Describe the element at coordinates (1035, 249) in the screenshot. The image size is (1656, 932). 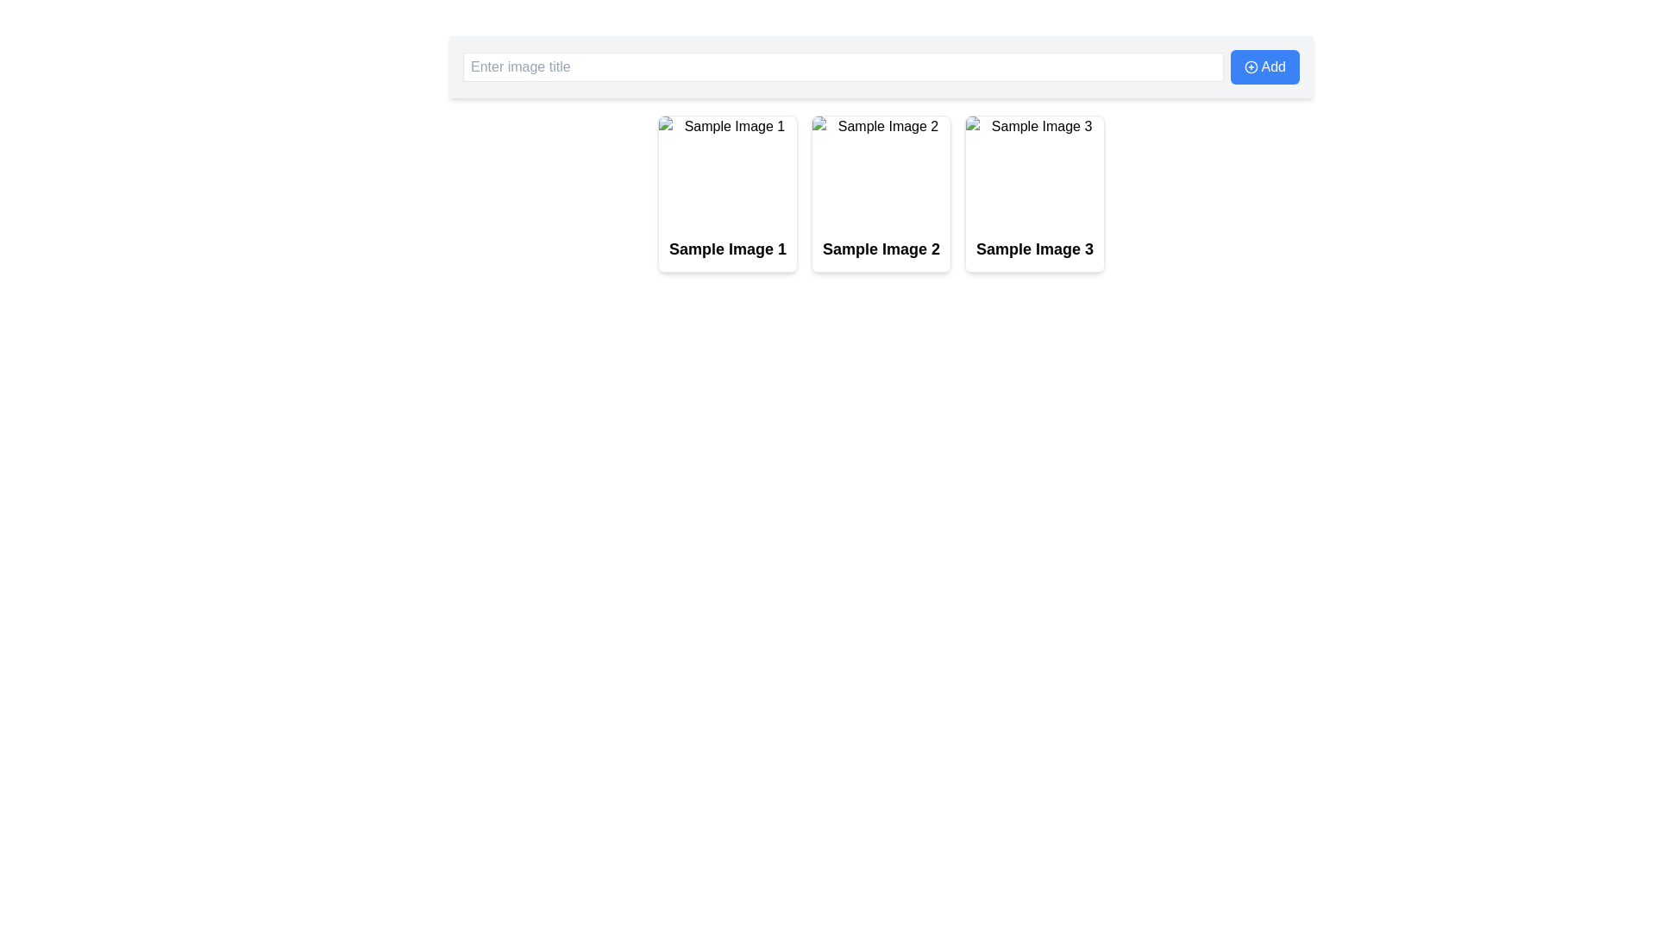
I see `text label displaying 'Sample Image 3' which is located at the bottom of the white card with rounded corners` at that location.